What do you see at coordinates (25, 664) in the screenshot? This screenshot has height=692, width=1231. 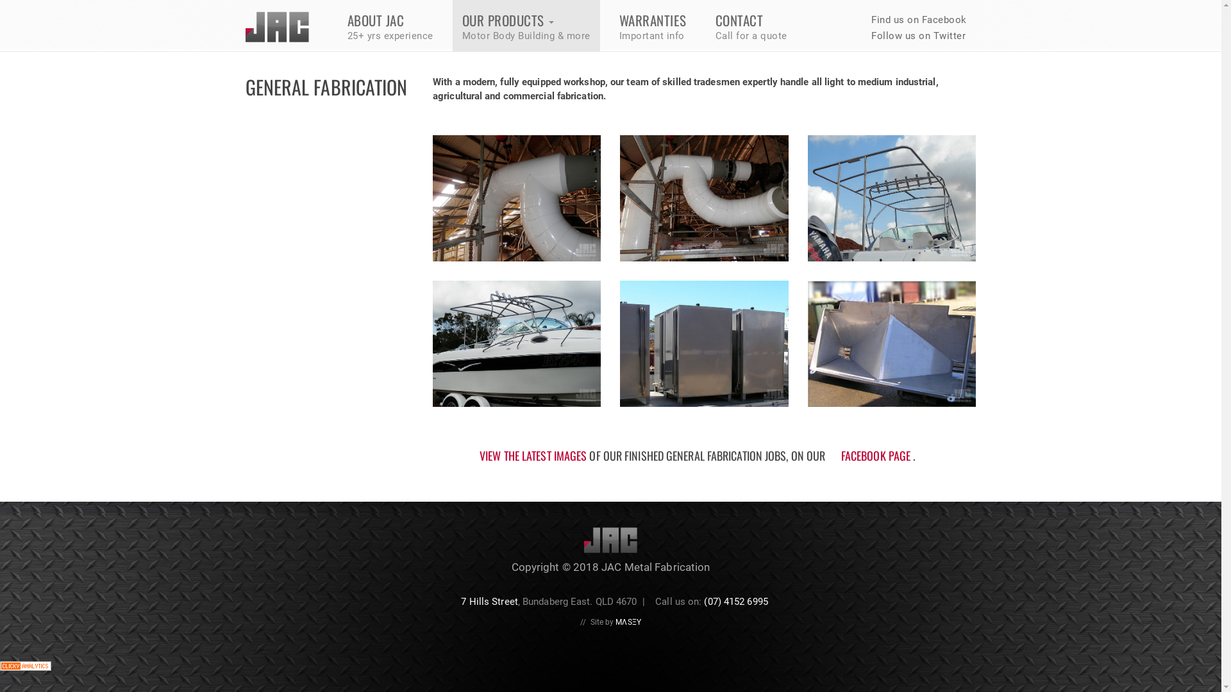 I see `'Web Statistics'` at bounding box center [25, 664].